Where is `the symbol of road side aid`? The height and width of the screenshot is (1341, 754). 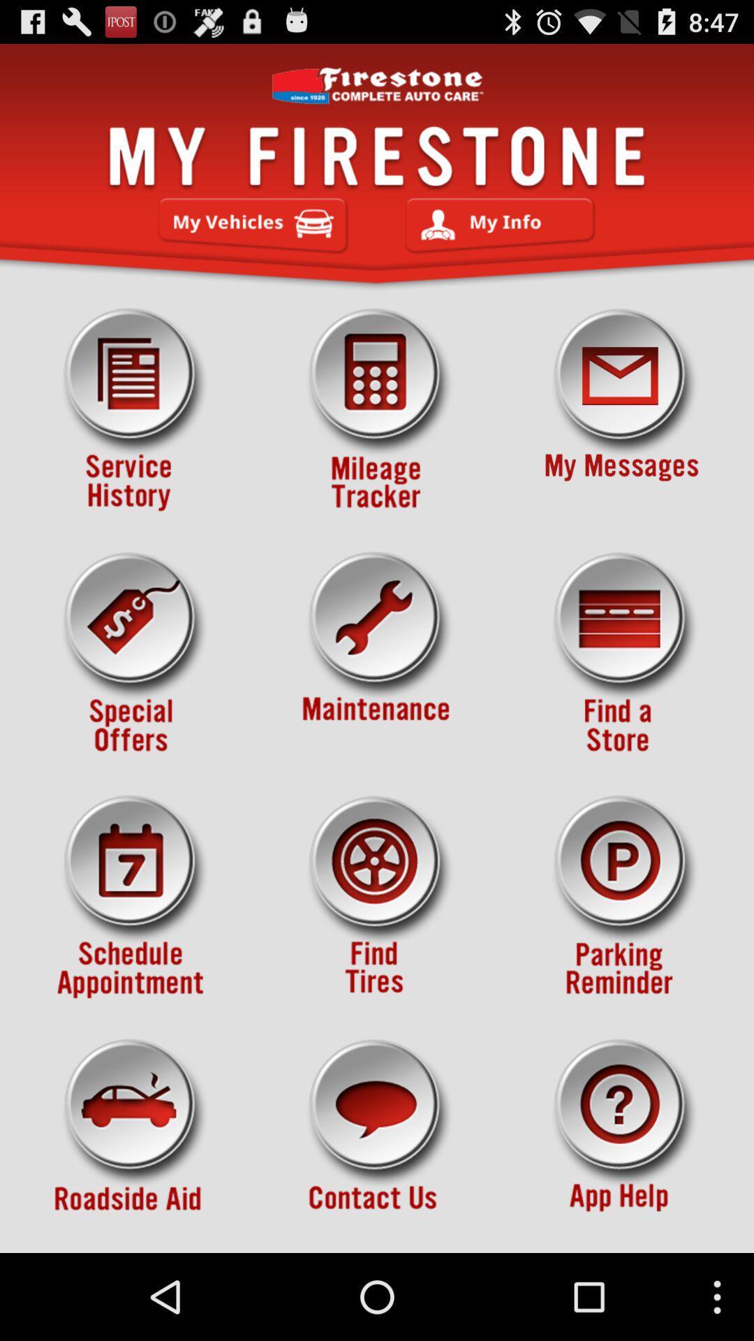 the symbol of road side aid is located at coordinates (132, 1141).